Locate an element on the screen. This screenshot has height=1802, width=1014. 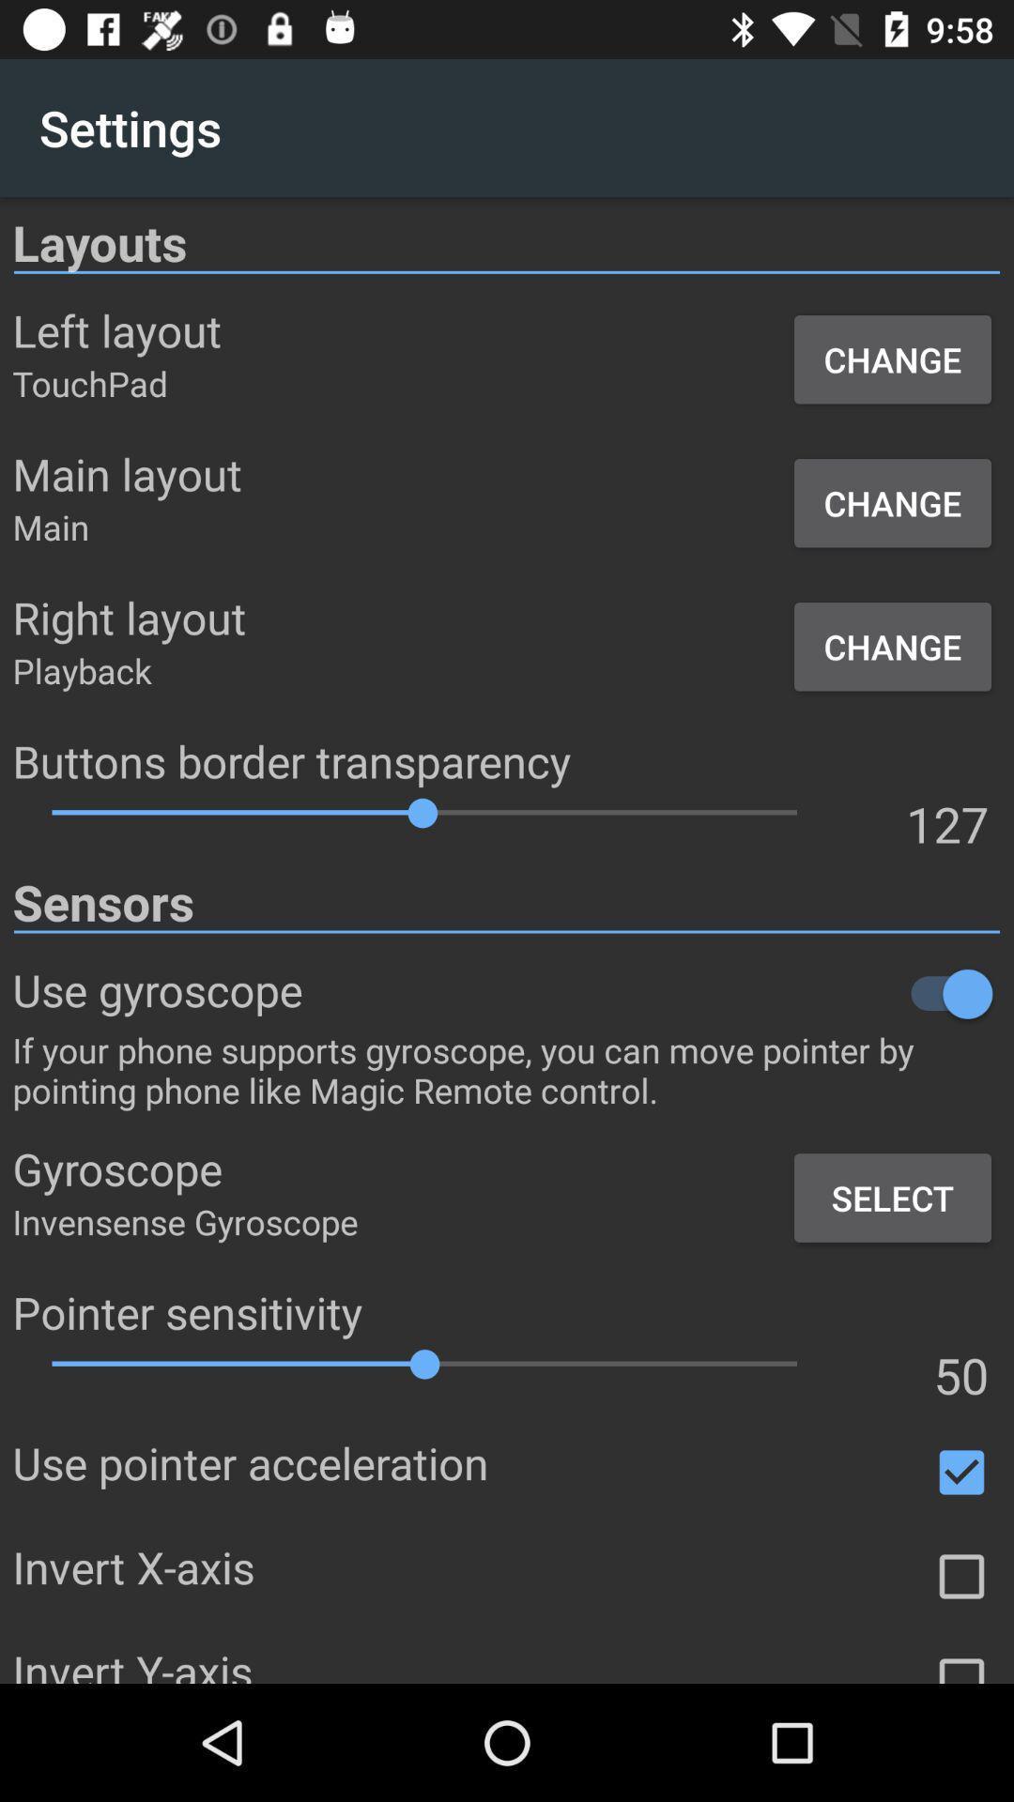
box to check for different options is located at coordinates (961, 1577).